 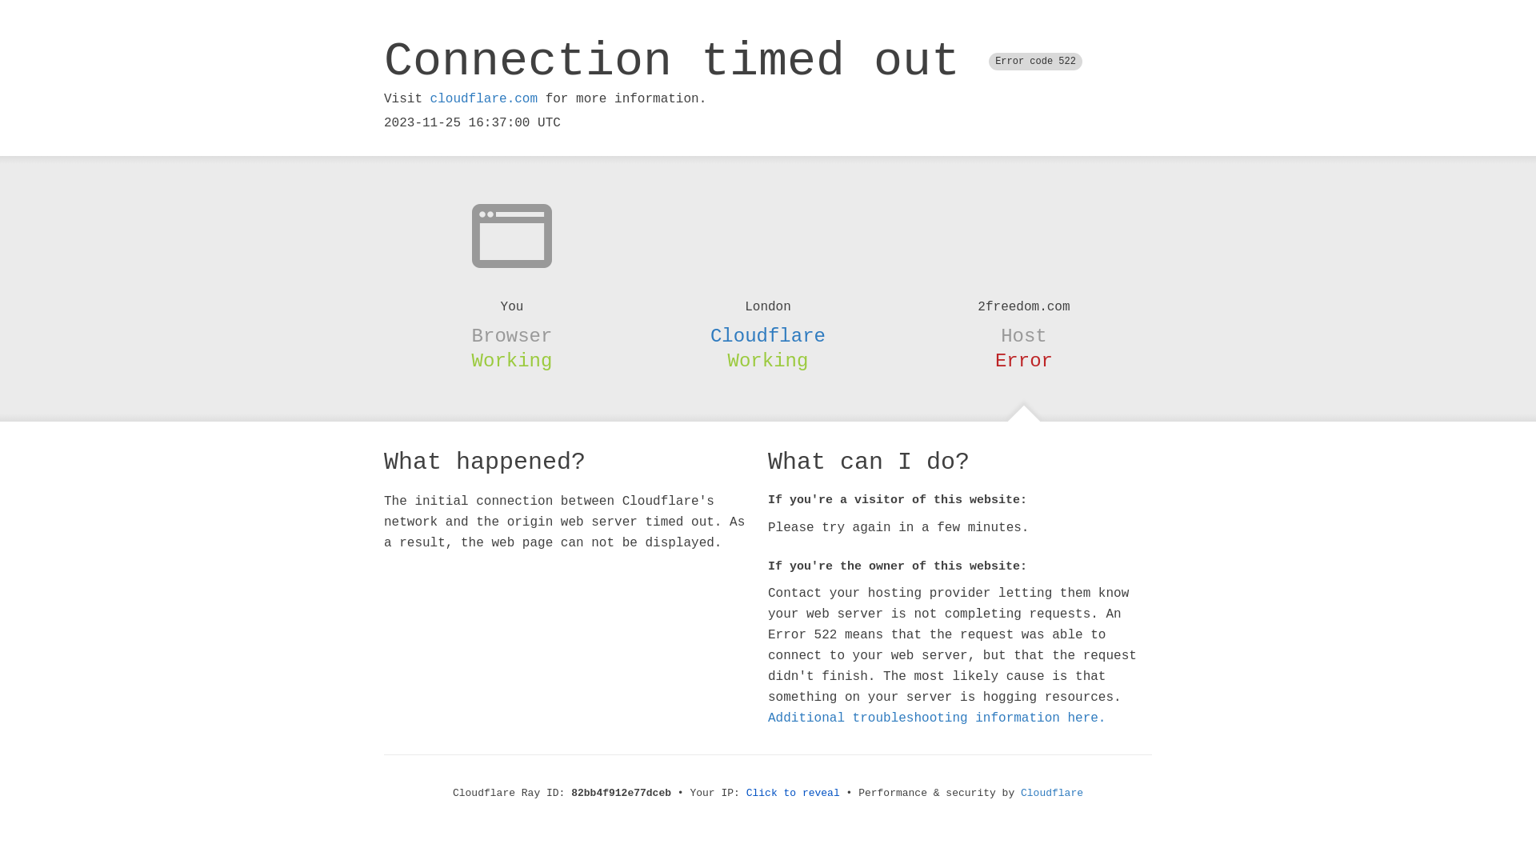 What do you see at coordinates (430, 98) in the screenshot?
I see `'cloudflare.com'` at bounding box center [430, 98].